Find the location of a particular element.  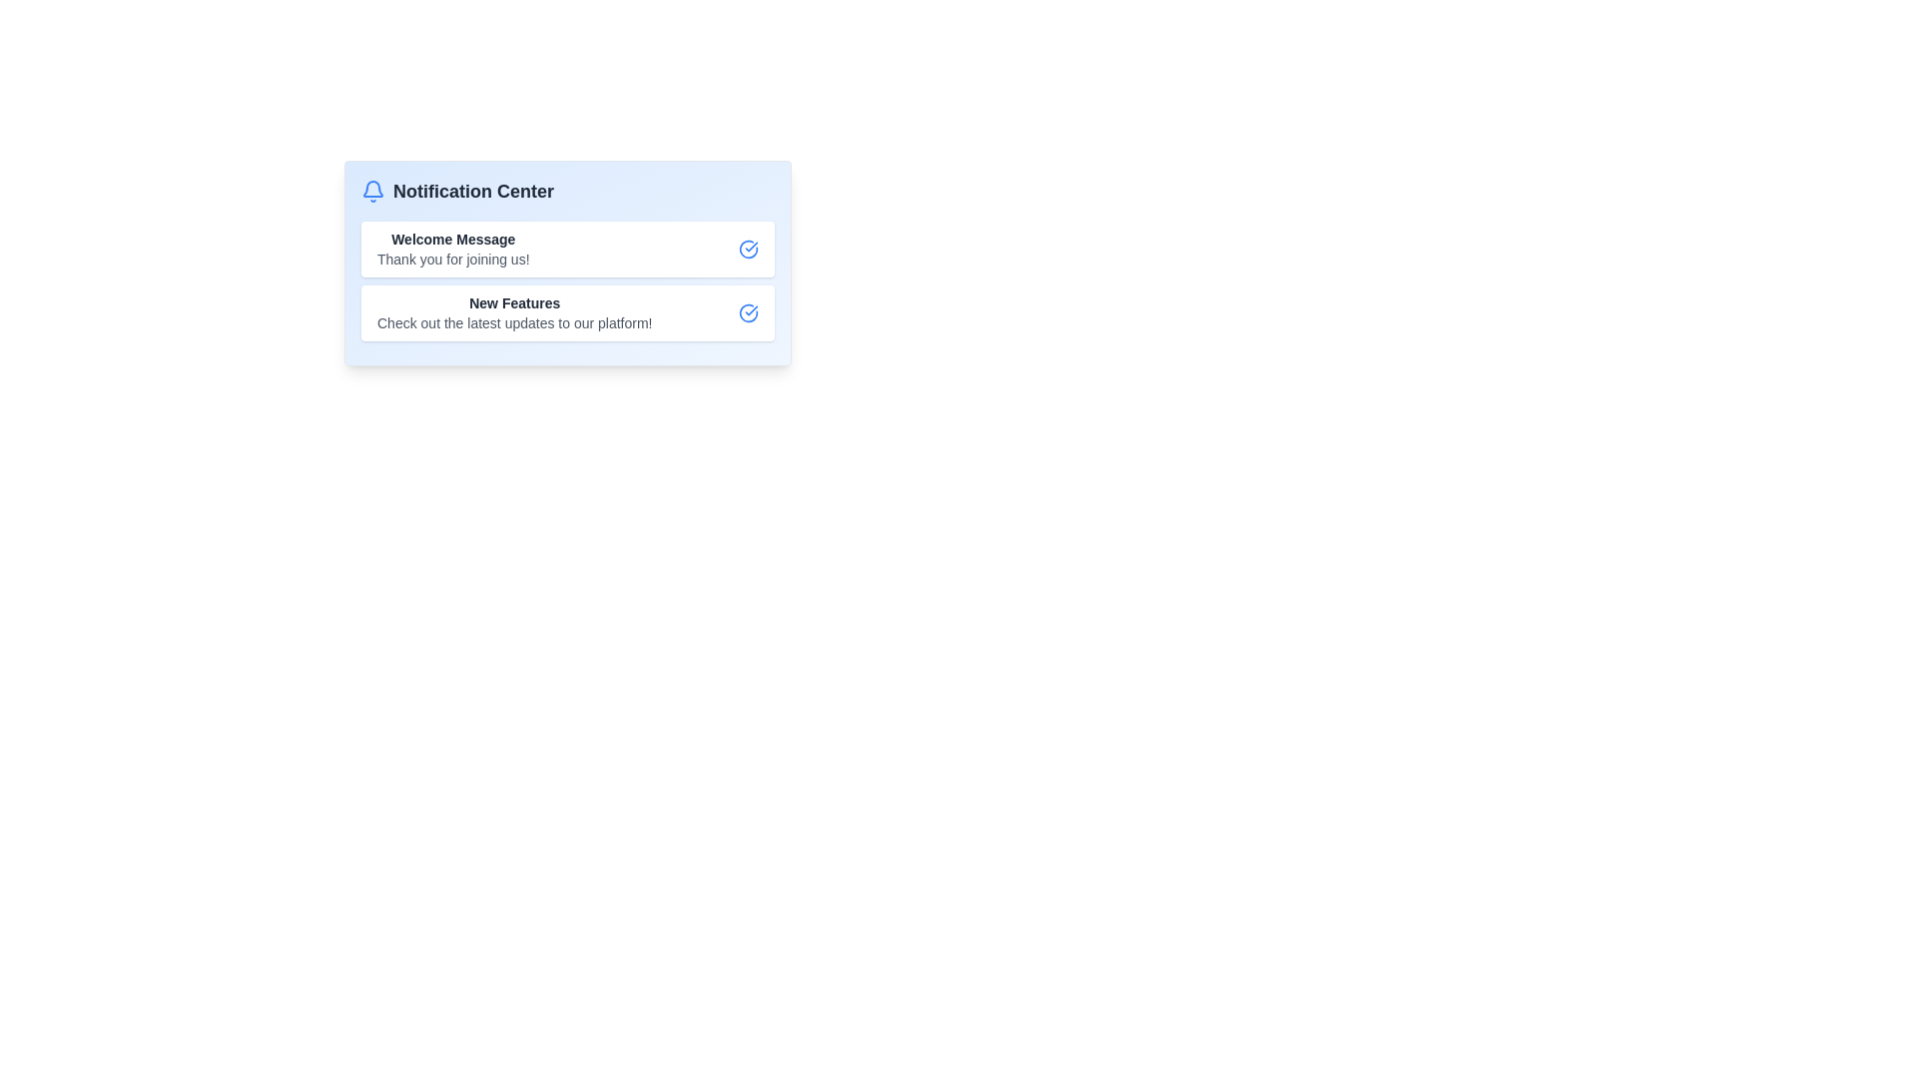

the Text display component that provides a greeting and welcome note, located in the upper-middle part of the light-blue notification center card is located at coordinates (452, 249).